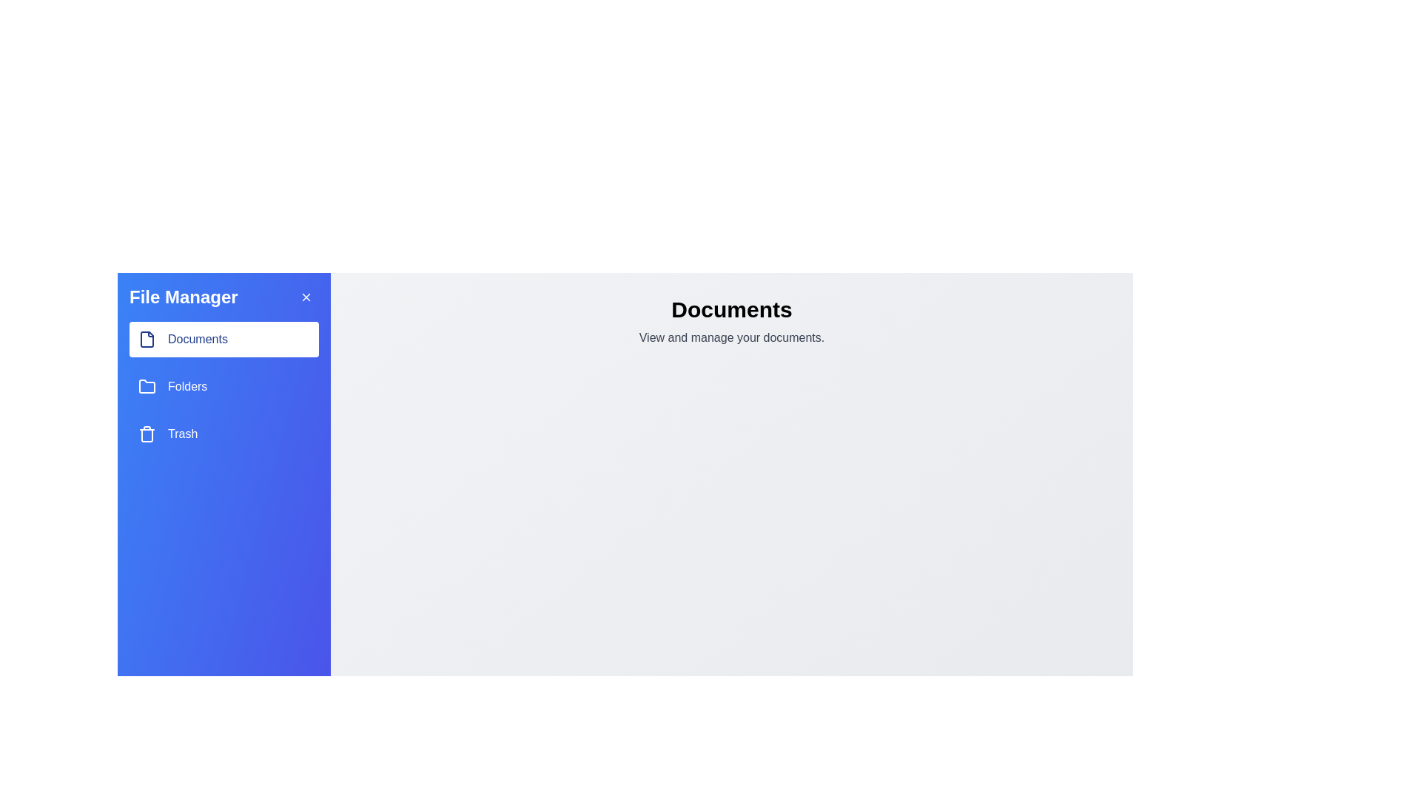  Describe the element at coordinates (223, 386) in the screenshot. I see `the Folders in the sidebar` at that location.